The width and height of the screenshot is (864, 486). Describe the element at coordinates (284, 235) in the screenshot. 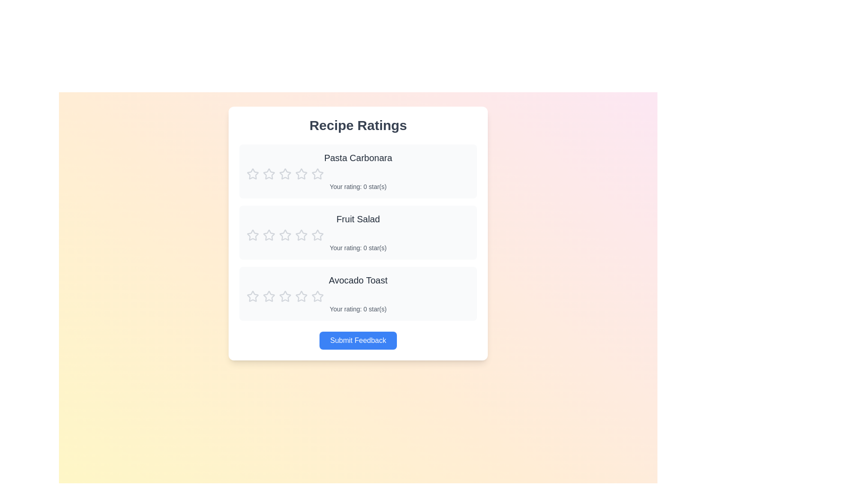

I see `the fourth gray star icon in the rating system for the 'Fruit Salad' list item` at that location.